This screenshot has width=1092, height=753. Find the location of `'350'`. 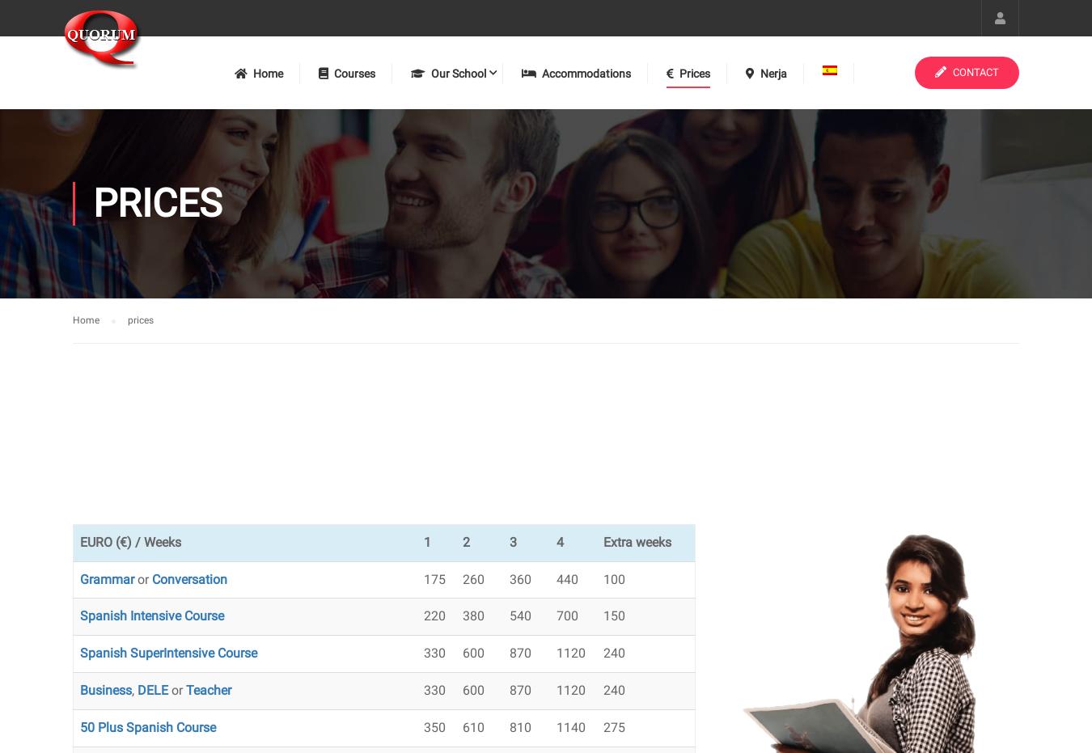

'350' is located at coordinates (421, 726).